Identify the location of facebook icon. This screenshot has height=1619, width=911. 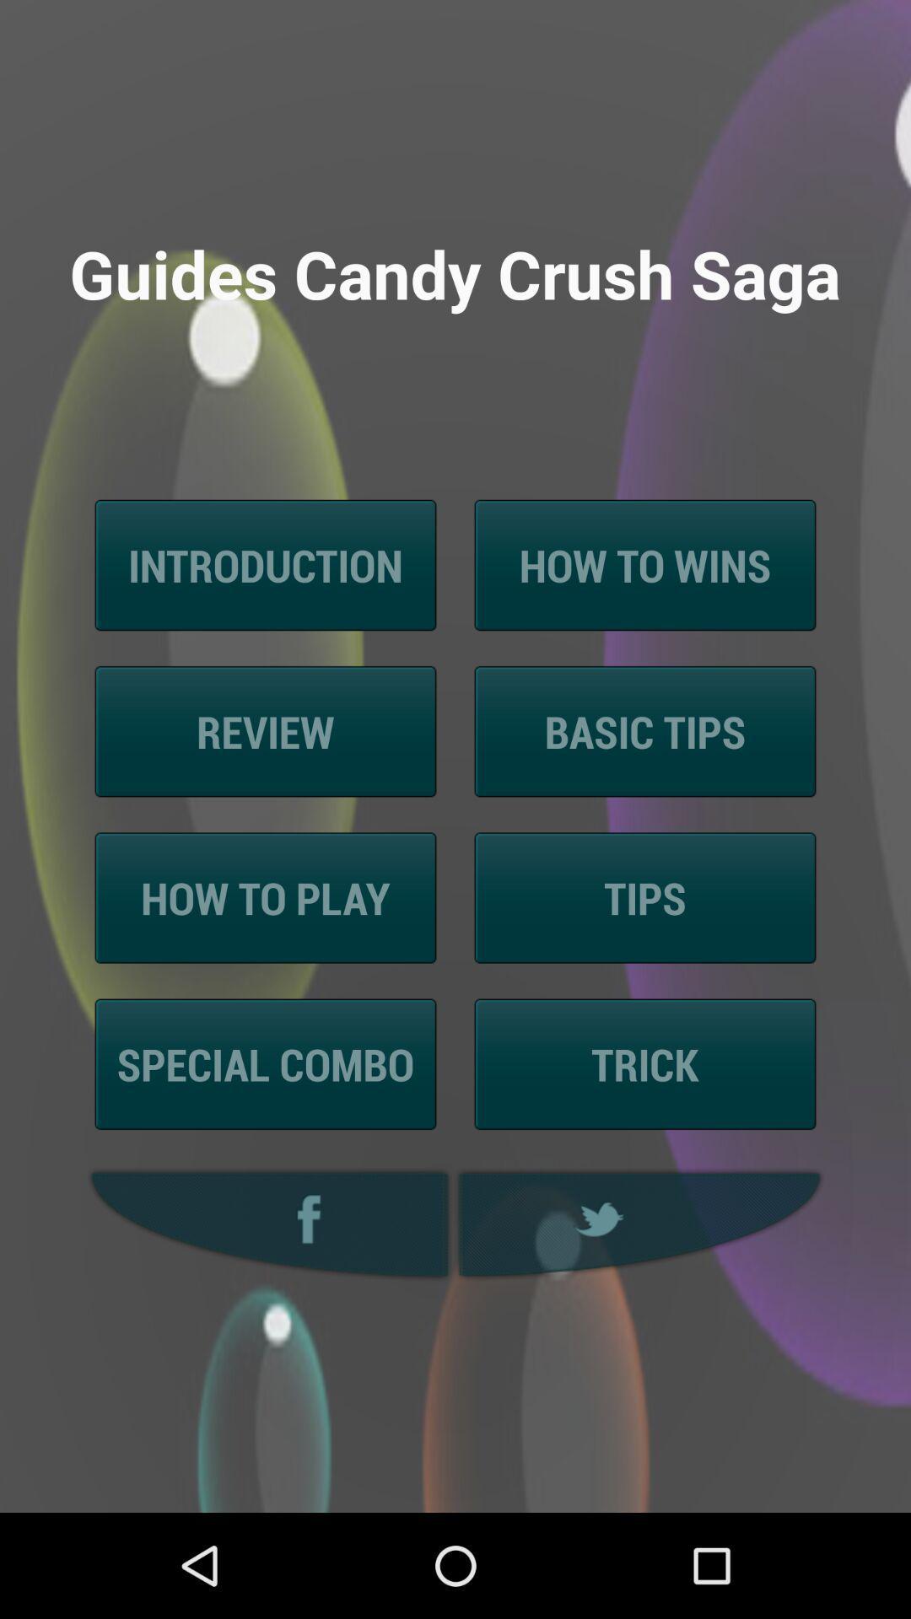
(265, 1224).